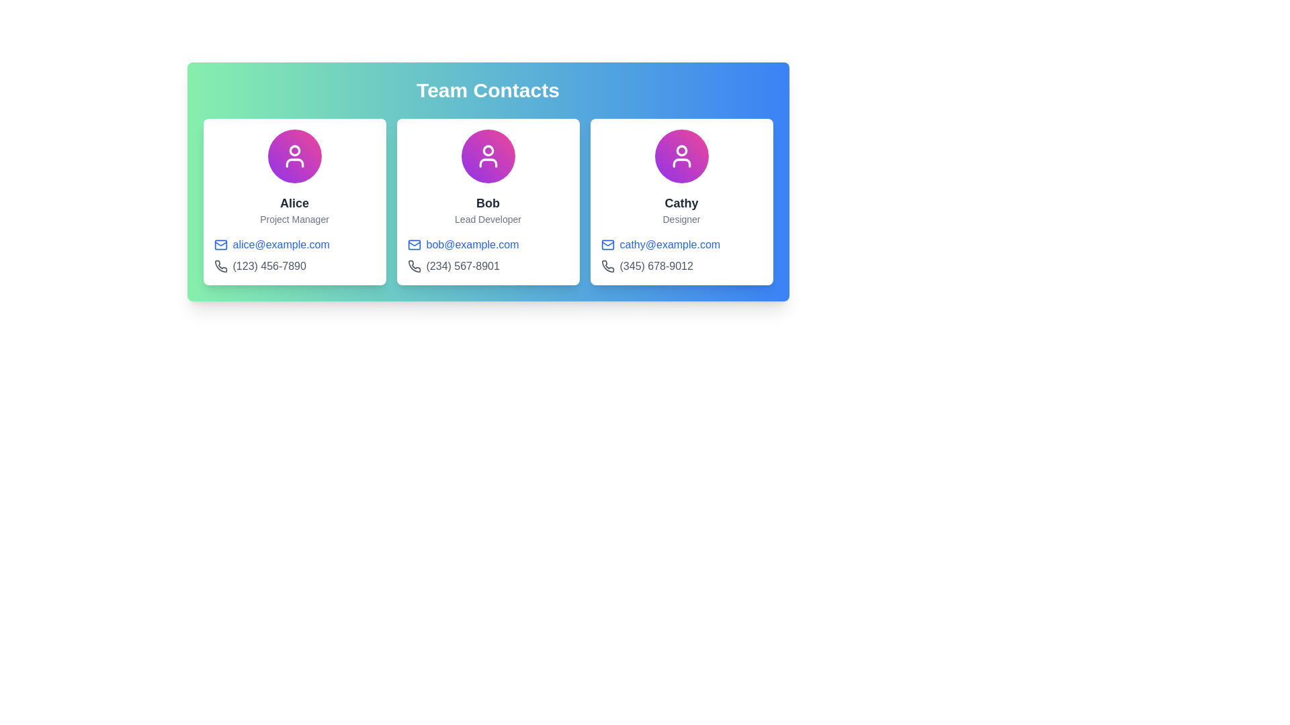 This screenshot has height=725, width=1290. I want to click on the email icon located at the top-left corner of the email address 'cathy@example.com' in the third card of the 'Team Contacts' section, so click(607, 245).